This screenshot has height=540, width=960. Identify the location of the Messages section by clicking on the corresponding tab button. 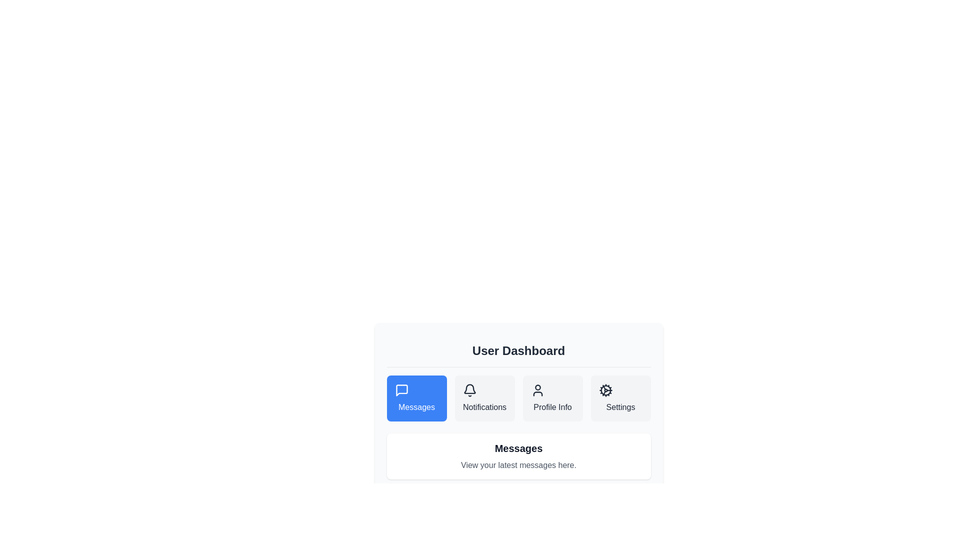
(416, 398).